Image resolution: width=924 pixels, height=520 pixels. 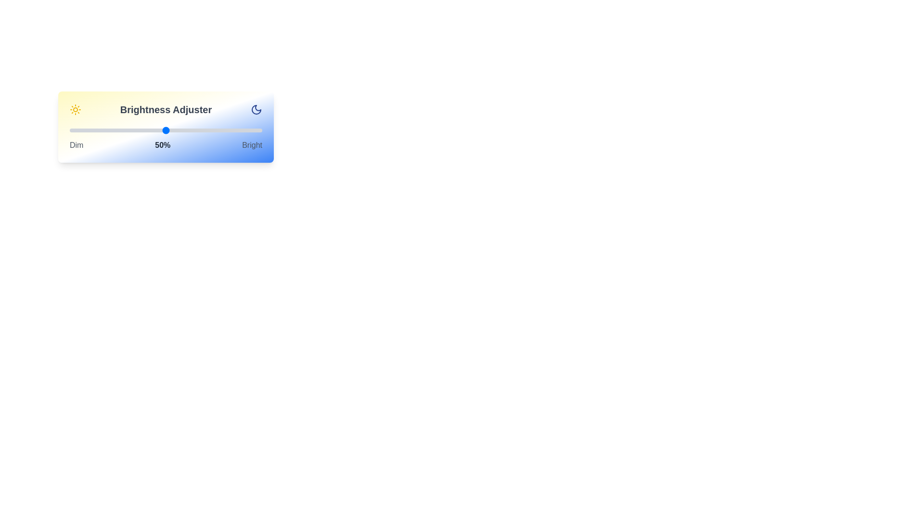 I want to click on the brightness to 75% using the slider, so click(x=214, y=130).